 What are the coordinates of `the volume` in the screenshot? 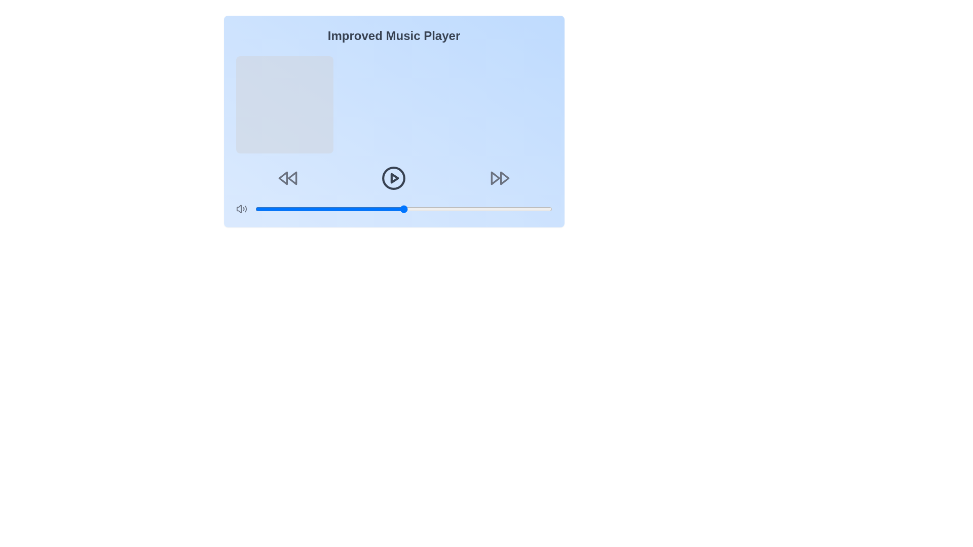 It's located at (542, 208).